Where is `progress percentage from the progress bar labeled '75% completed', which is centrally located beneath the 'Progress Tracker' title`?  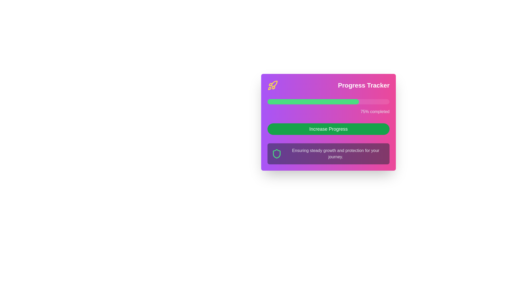 progress percentage from the progress bar labeled '75% completed', which is centrally located beneath the 'Progress Tracker' title is located at coordinates (328, 107).